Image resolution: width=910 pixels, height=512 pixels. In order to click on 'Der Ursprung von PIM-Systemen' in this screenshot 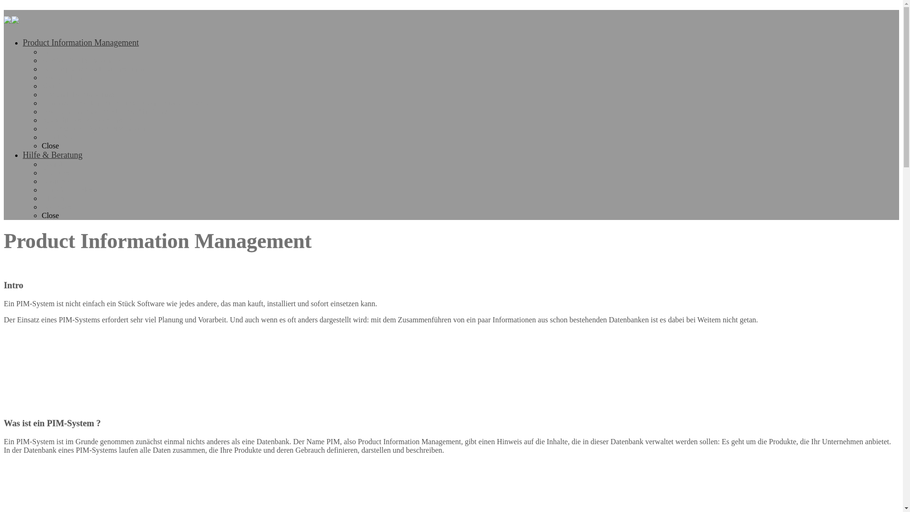, I will do `click(41, 68)`.